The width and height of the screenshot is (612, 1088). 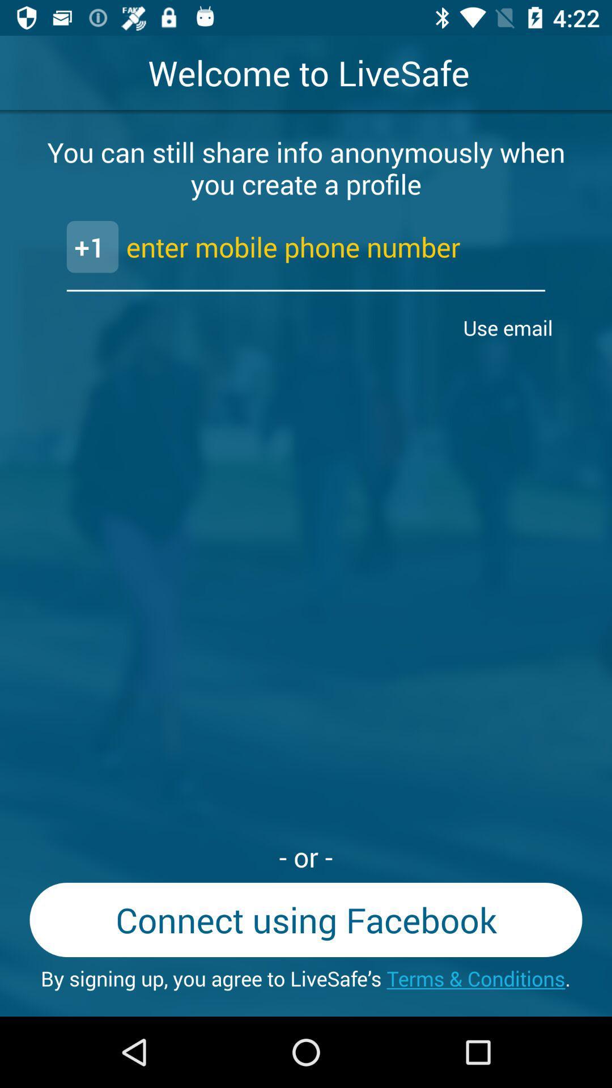 What do you see at coordinates (306, 978) in the screenshot?
I see `the entire text in the row just below connect using facebook` at bounding box center [306, 978].